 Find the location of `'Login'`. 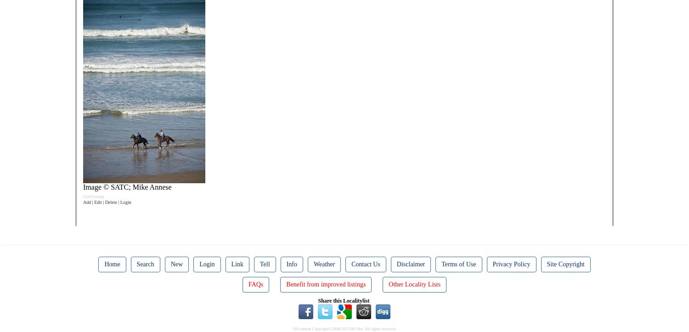

'Login' is located at coordinates (206, 264).